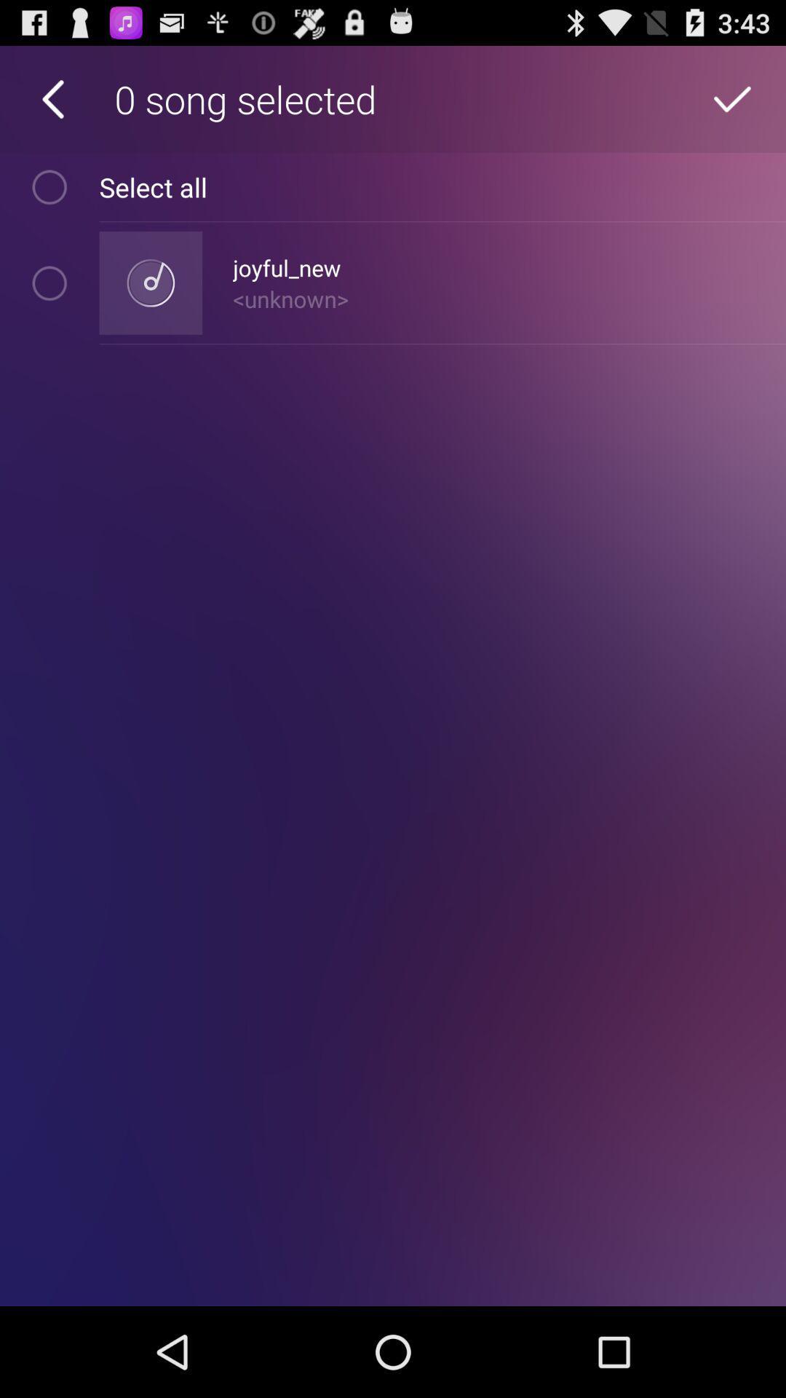 The width and height of the screenshot is (786, 1398). Describe the element at coordinates (732, 106) in the screenshot. I see `the check icon` at that location.